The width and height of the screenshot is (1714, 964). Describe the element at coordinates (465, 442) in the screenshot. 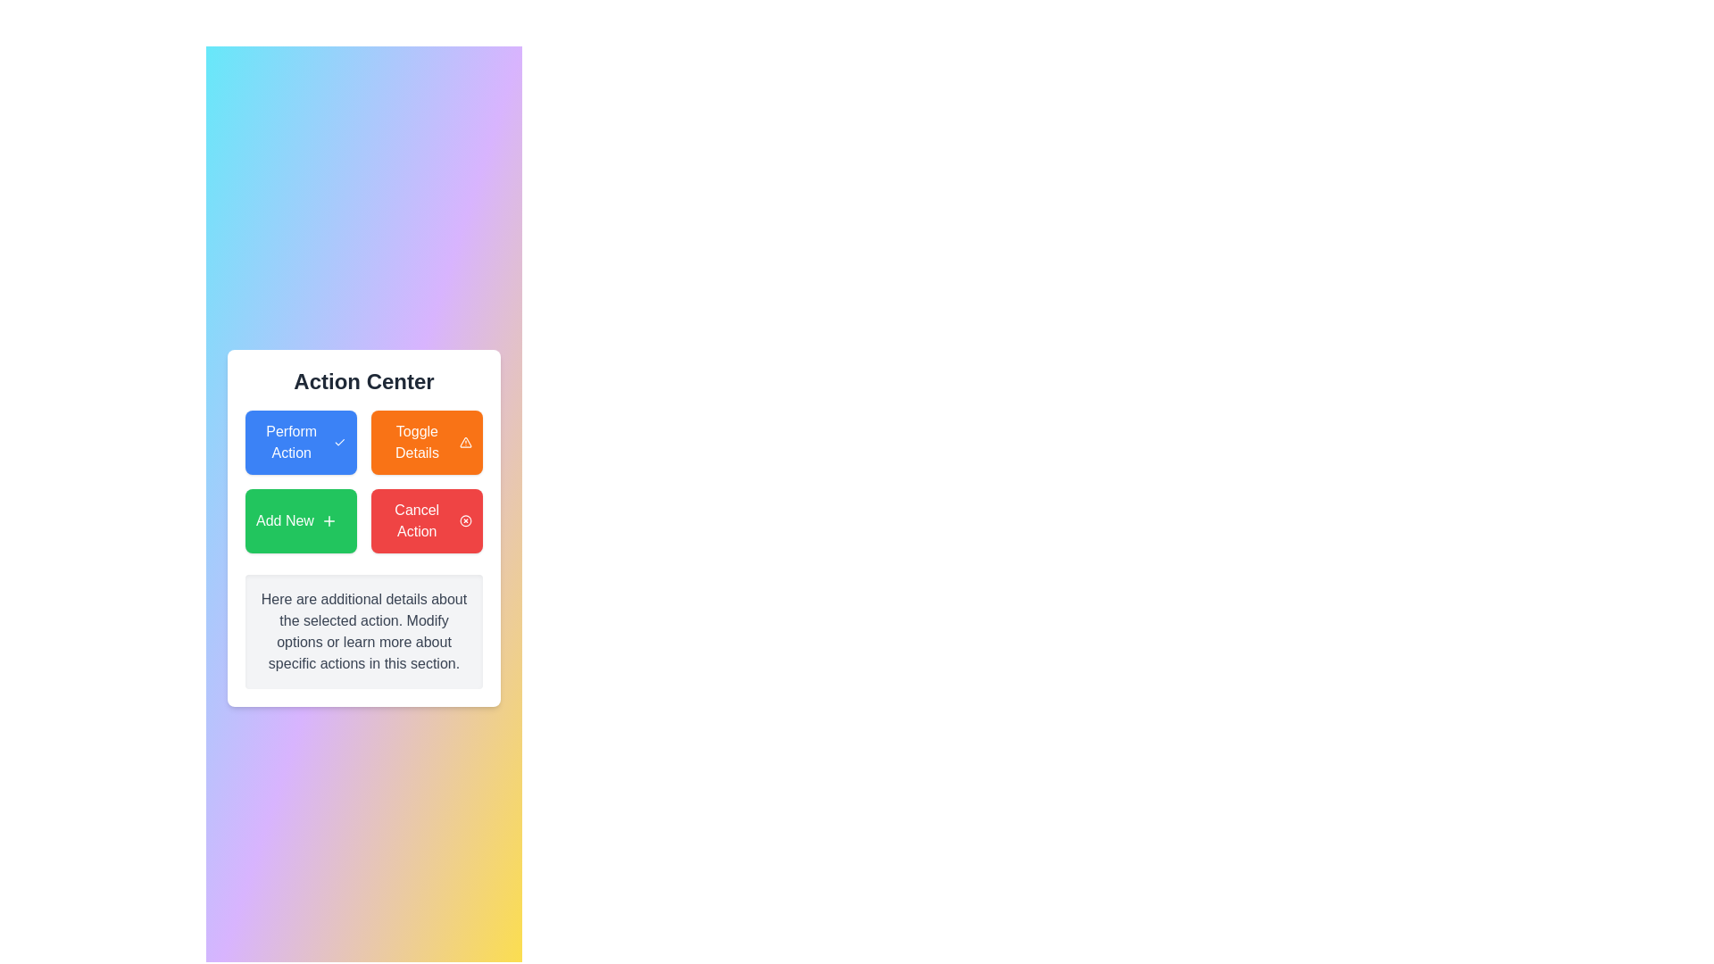

I see `the alert icon located just above the 'Cancel Action' button in the top-right quadrant, which indicates a warning or important message` at that location.